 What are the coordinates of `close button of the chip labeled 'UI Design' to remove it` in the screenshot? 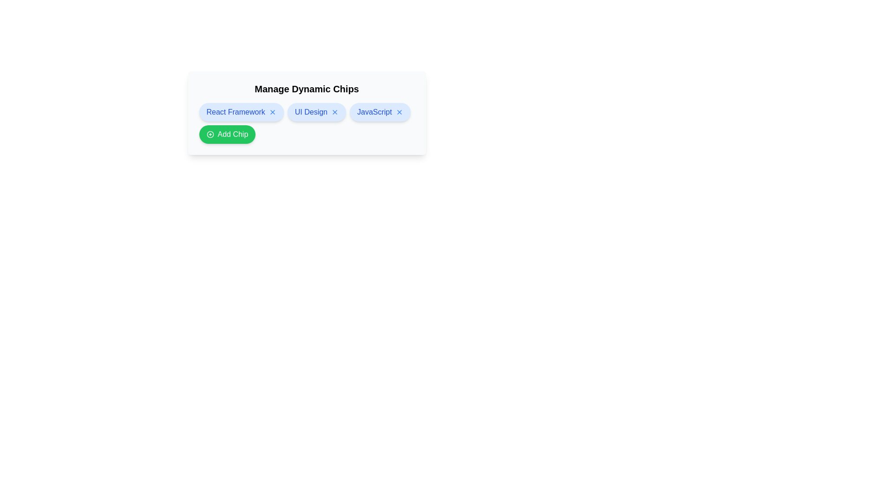 It's located at (334, 112).